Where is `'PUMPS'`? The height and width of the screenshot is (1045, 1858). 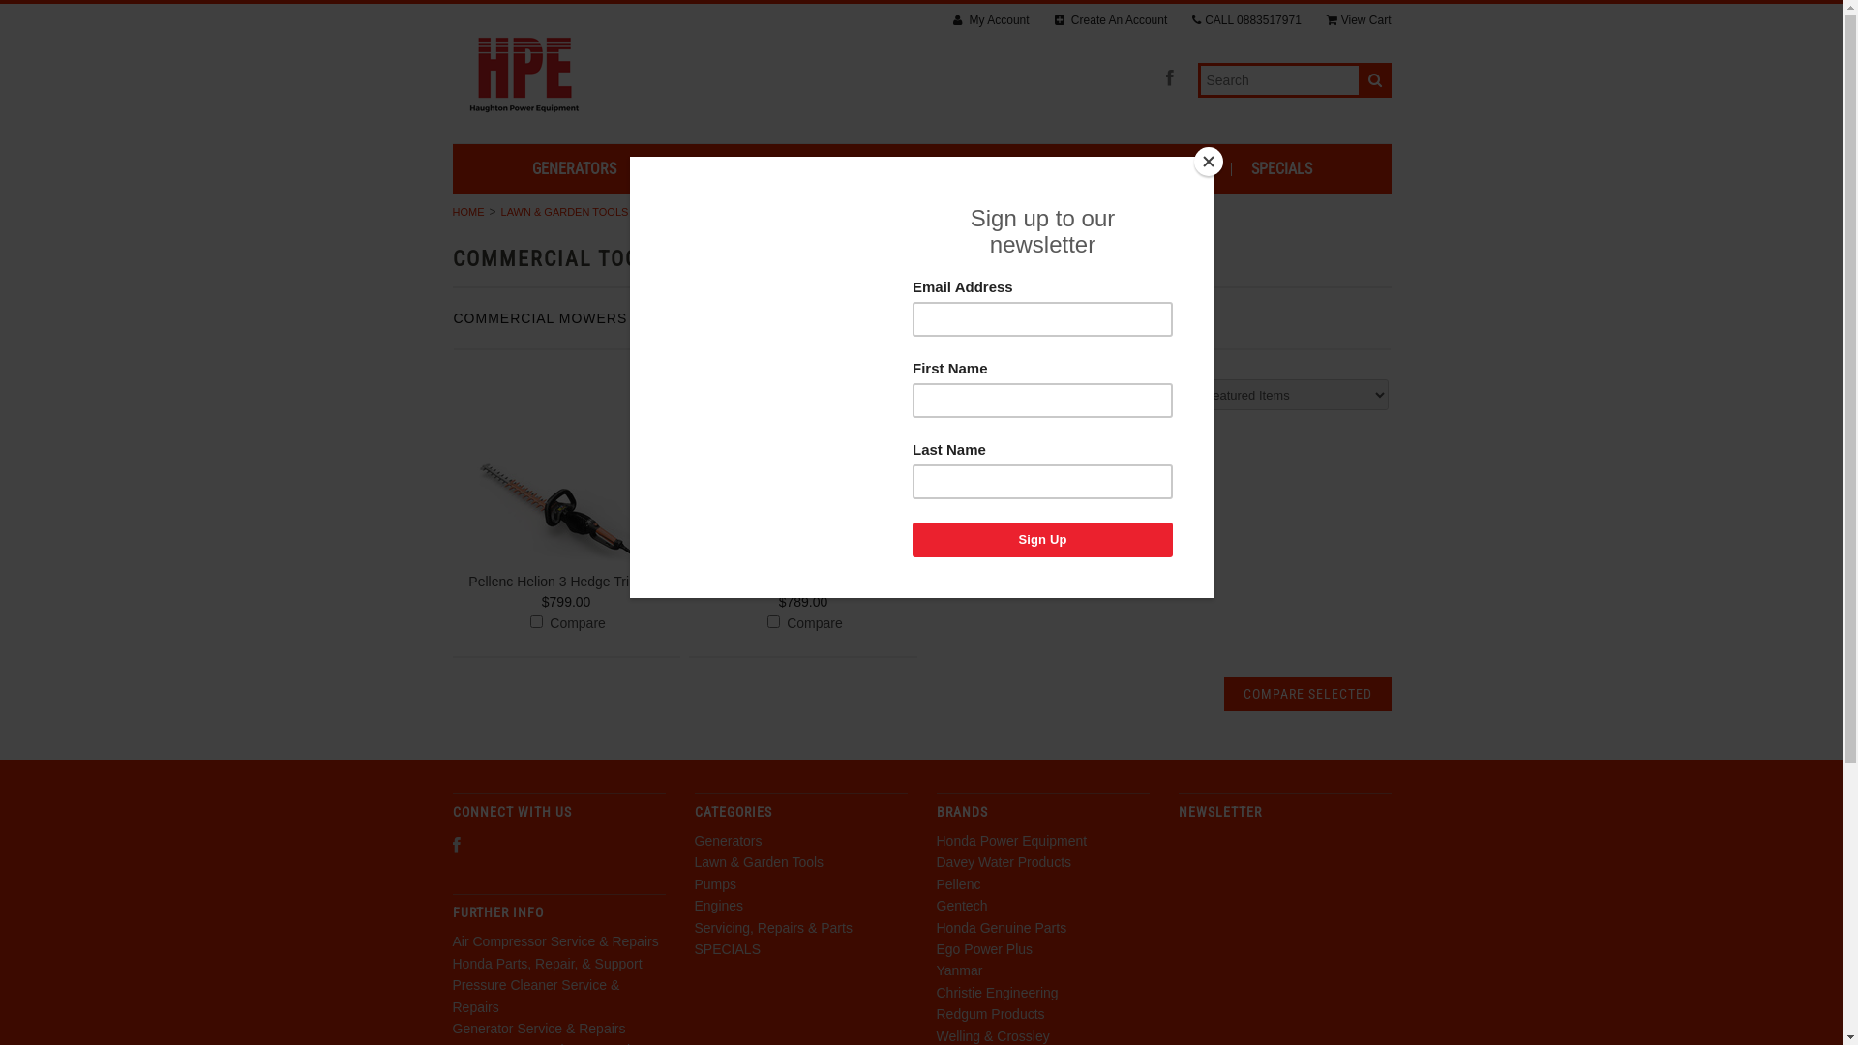
'PUMPS' is located at coordinates (870, 167).